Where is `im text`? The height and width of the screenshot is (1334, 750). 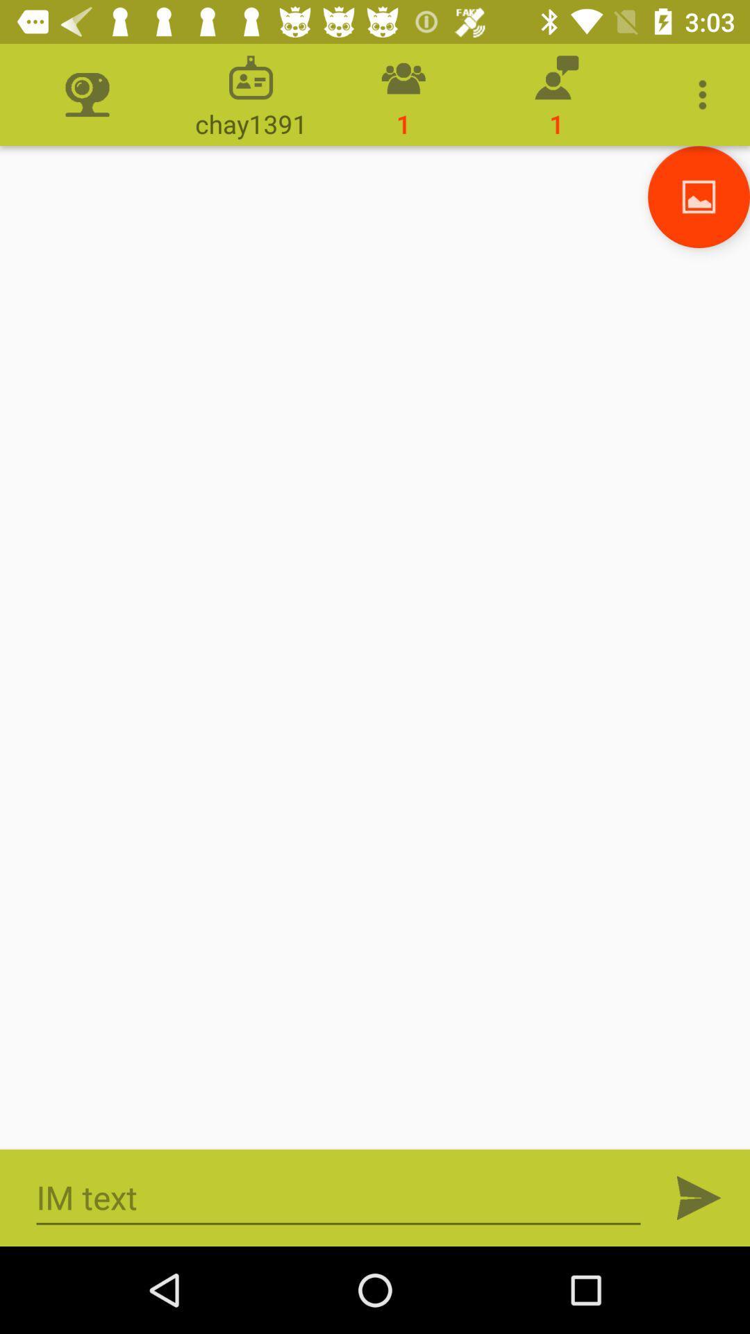 im text is located at coordinates (338, 1197).